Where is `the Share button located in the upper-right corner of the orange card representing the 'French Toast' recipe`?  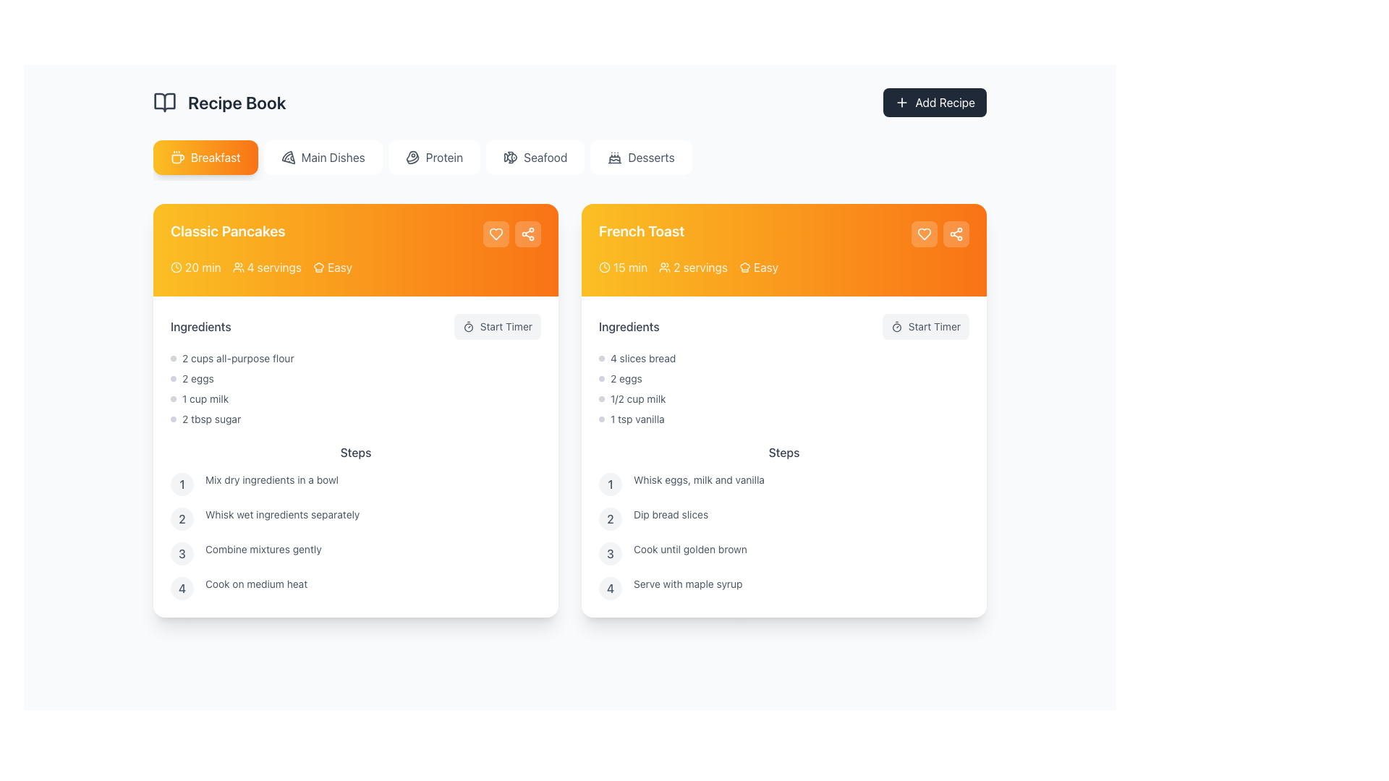 the Share button located in the upper-right corner of the orange card representing the 'French Toast' recipe is located at coordinates (956, 234).